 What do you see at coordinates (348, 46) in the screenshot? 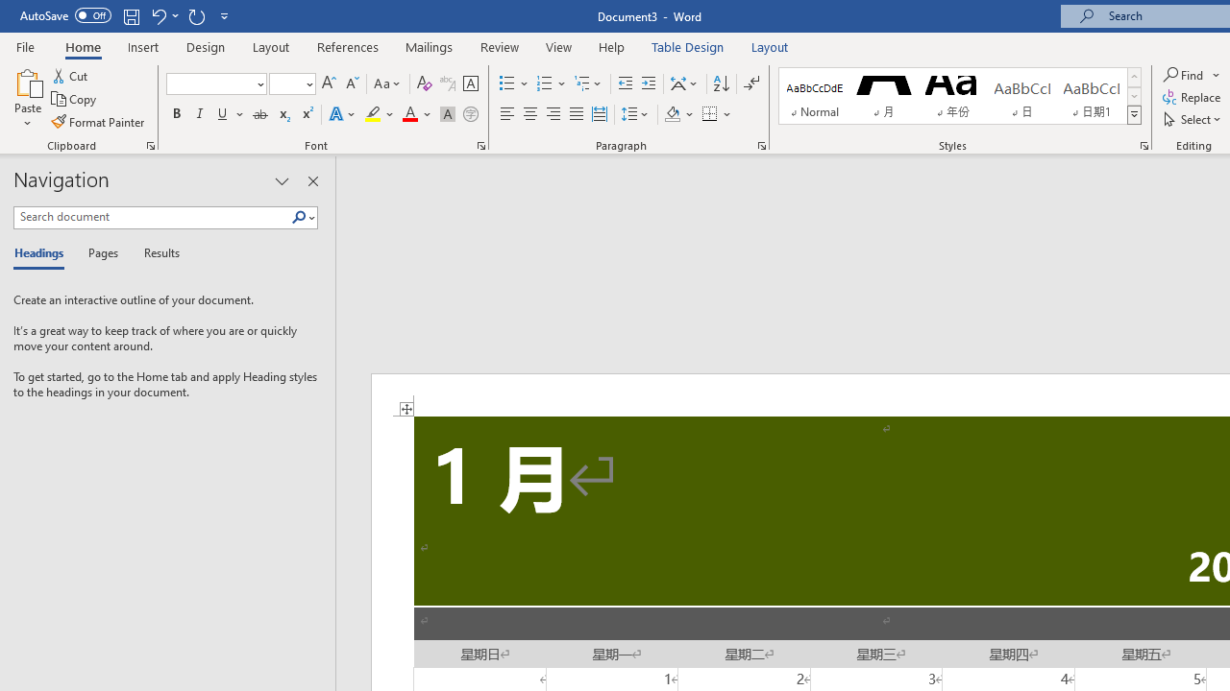
I see `'References'` at bounding box center [348, 46].